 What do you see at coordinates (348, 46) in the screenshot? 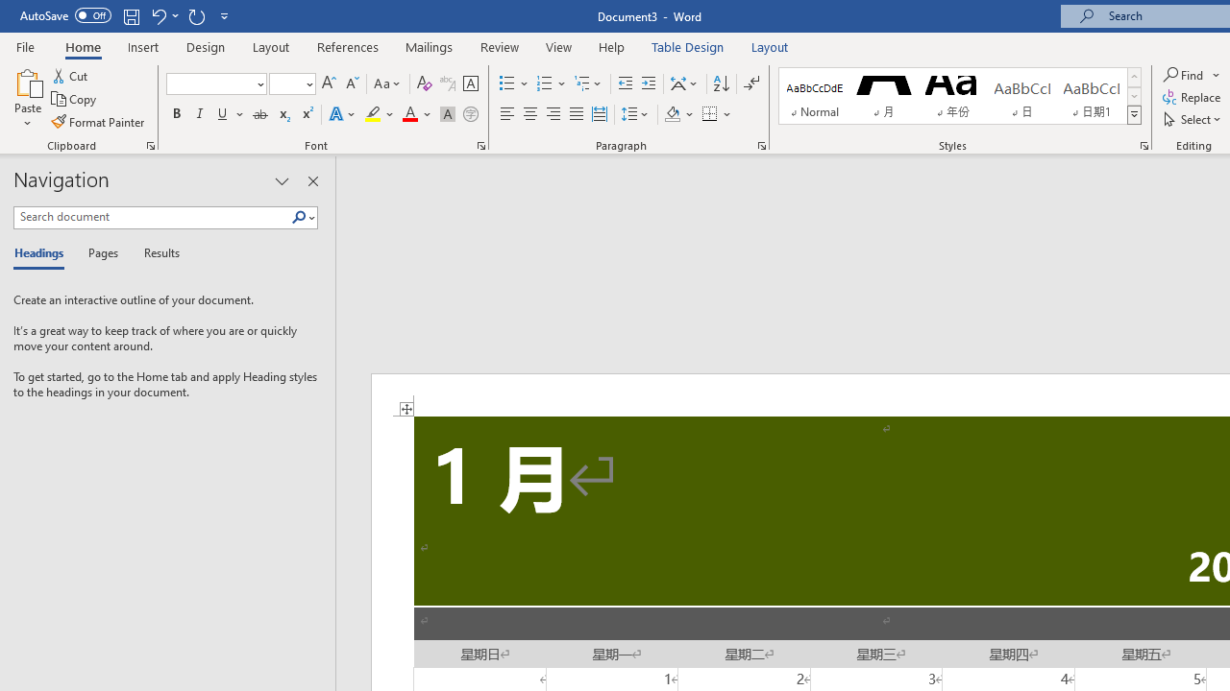
I see `'References'` at bounding box center [348, 46].